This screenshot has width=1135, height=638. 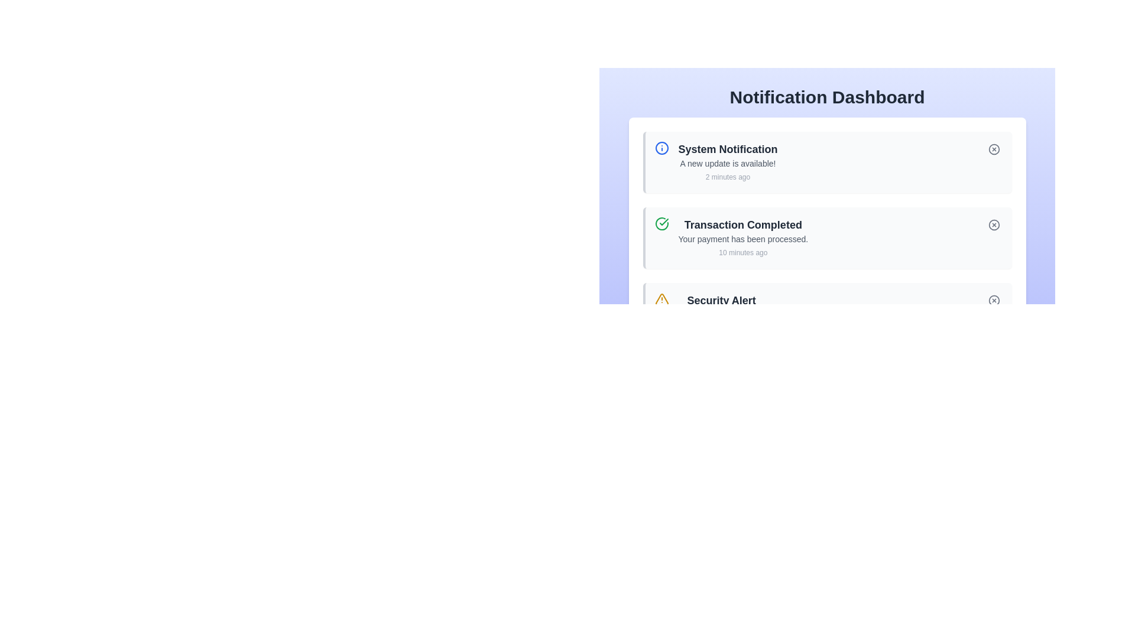 I want to click on the 'System Notification' text block in the first notification card, so click(x=727, y=162).